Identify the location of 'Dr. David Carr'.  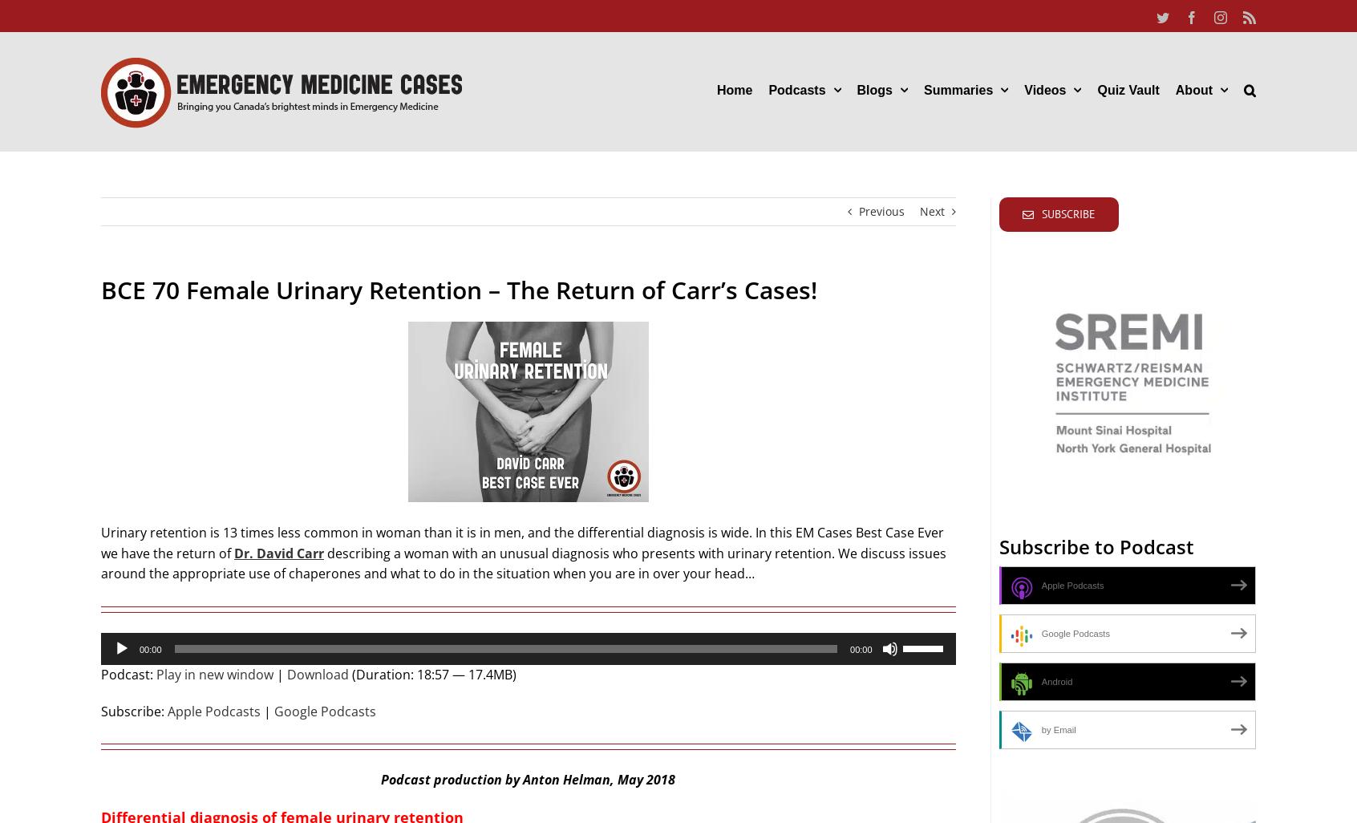
(233, 552).